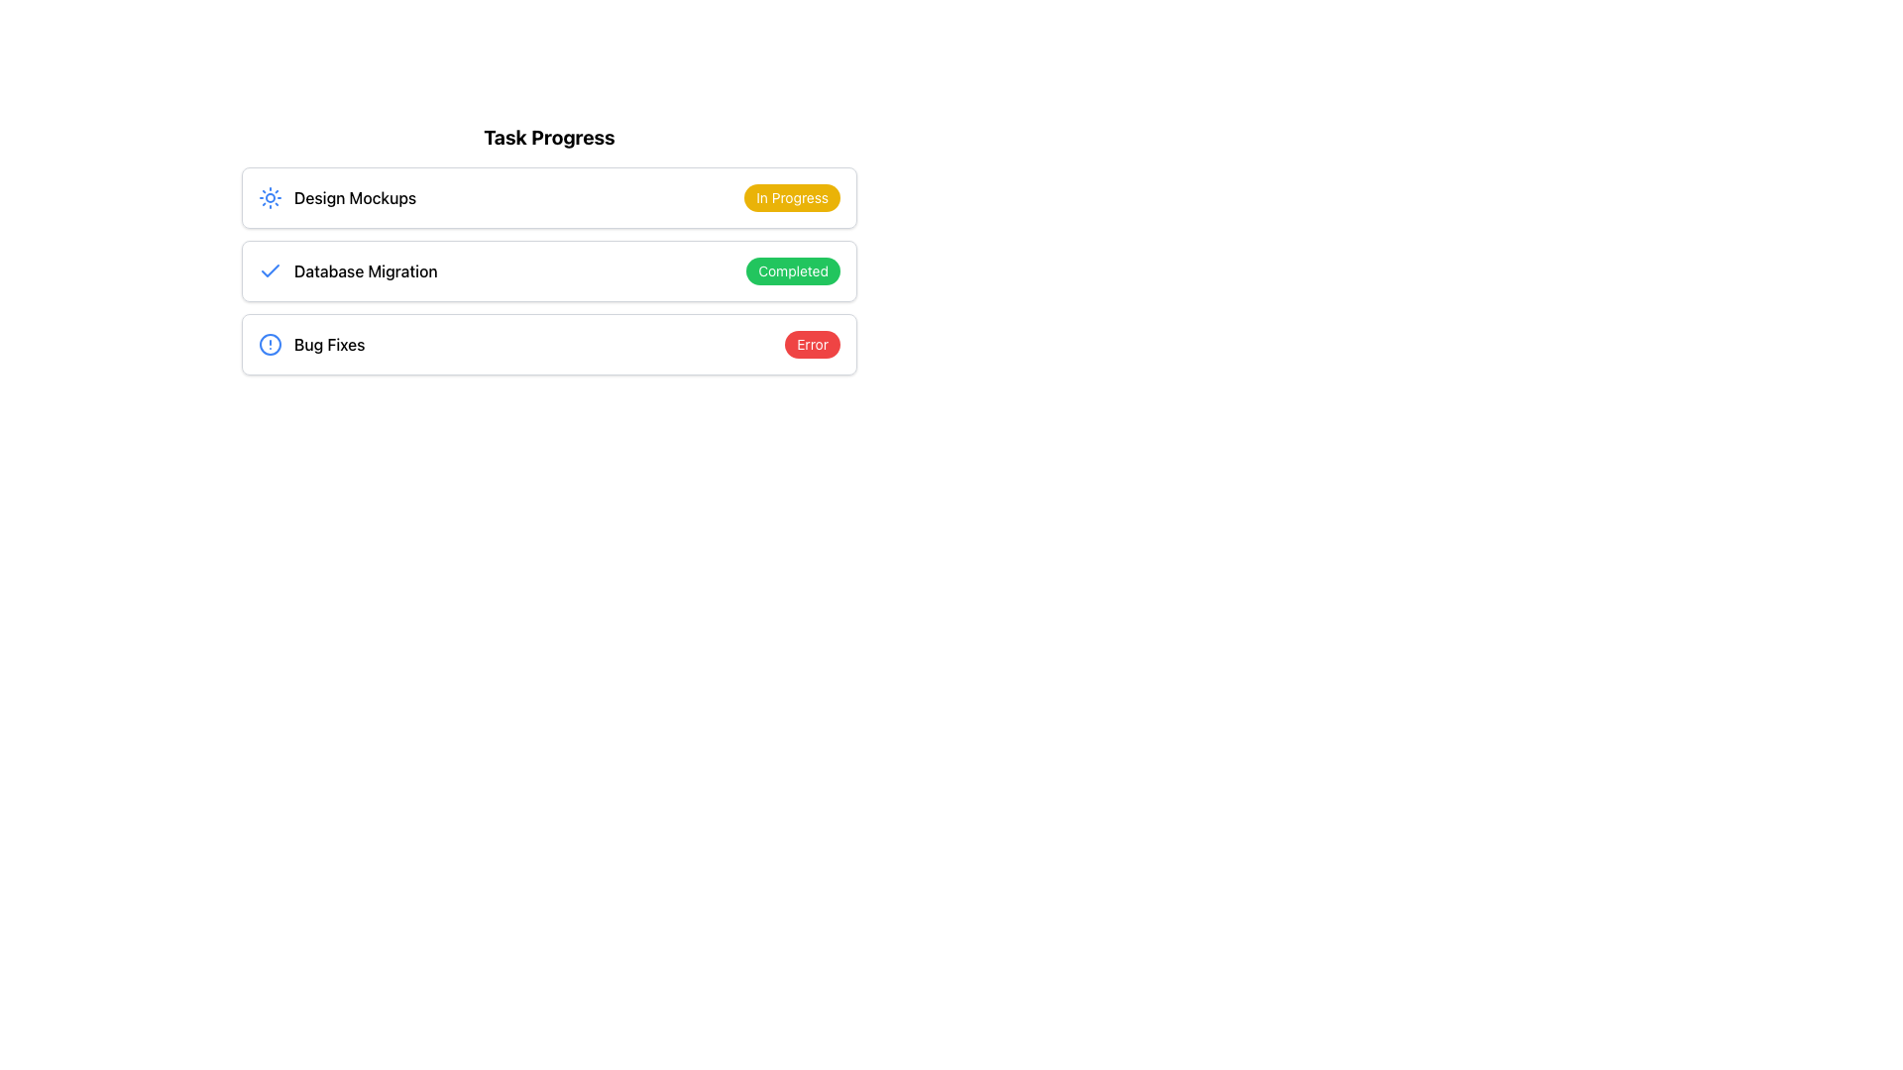 This screenshot has height=1070, width=1903. What do you see at coordinates (355, 198) in the screenshot?
I see `the 'Design Mockups' text label in the Task Progress section` at bounding box center [355, 198].